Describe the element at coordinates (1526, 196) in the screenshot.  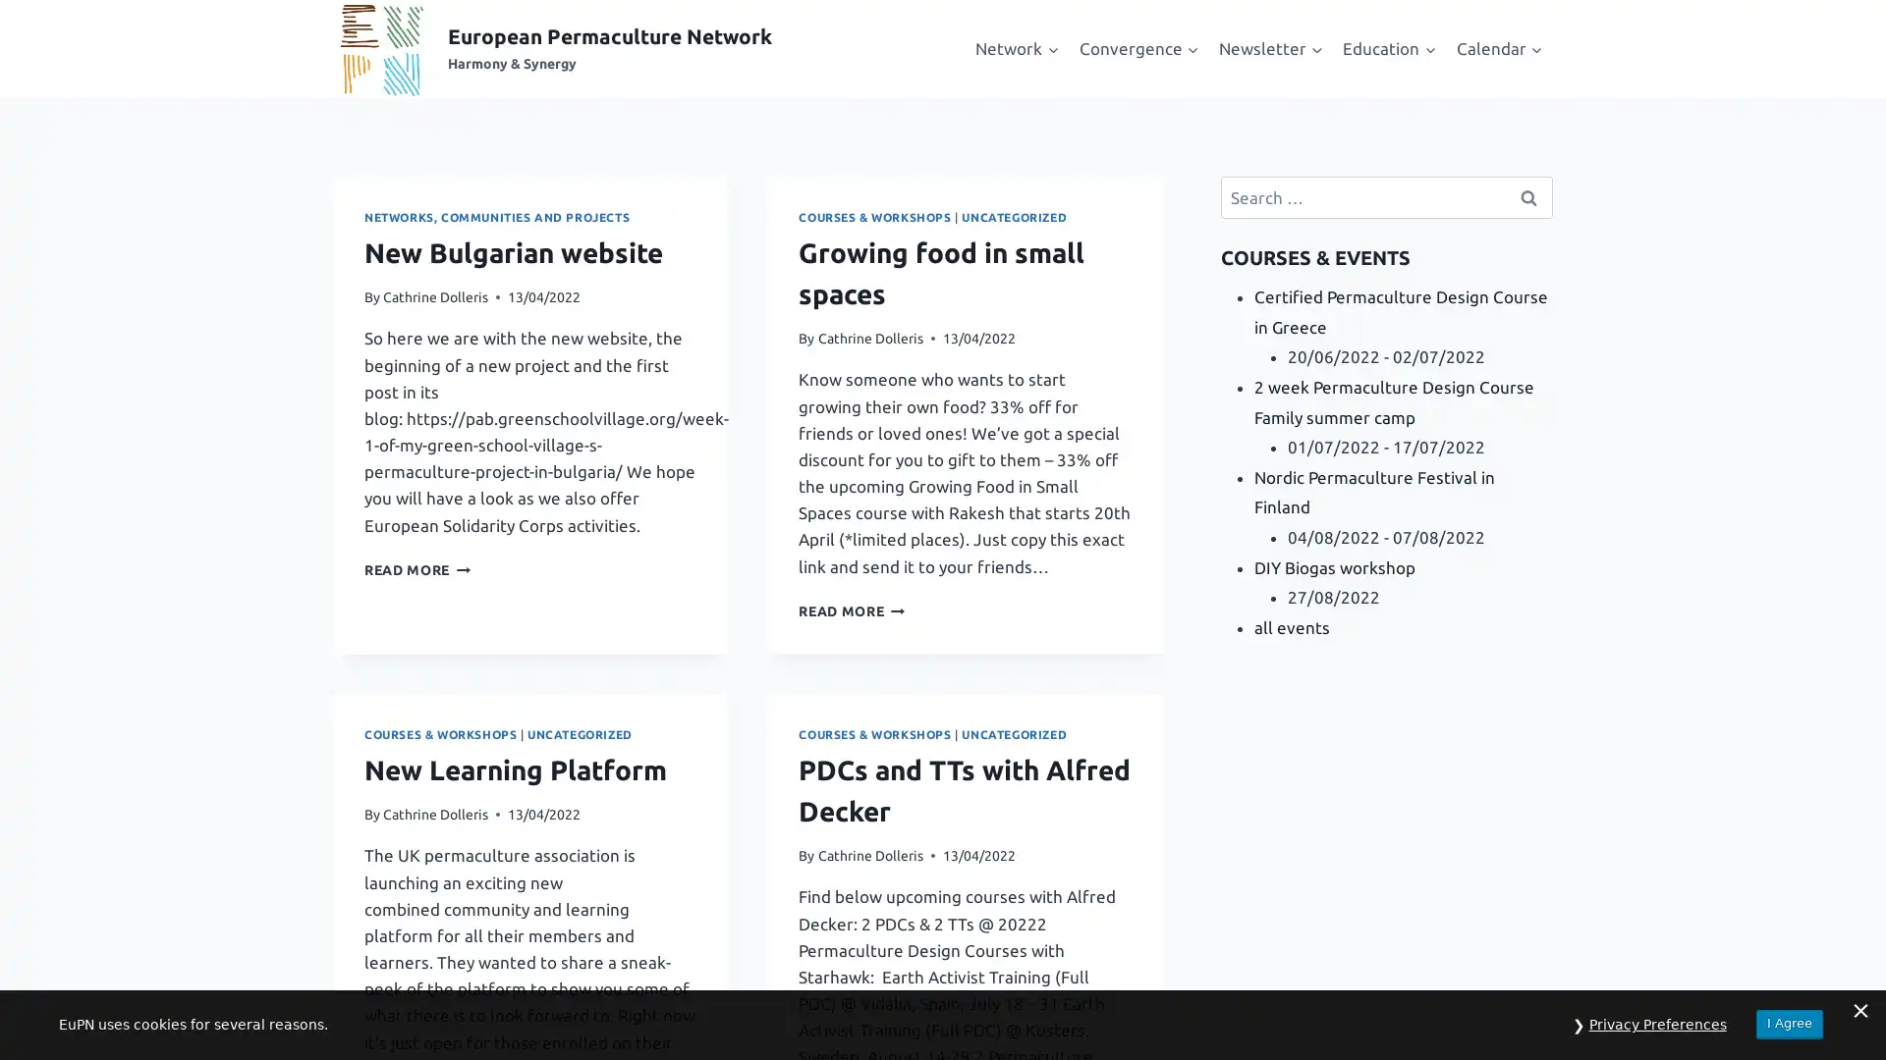
I see `Search` at that location.